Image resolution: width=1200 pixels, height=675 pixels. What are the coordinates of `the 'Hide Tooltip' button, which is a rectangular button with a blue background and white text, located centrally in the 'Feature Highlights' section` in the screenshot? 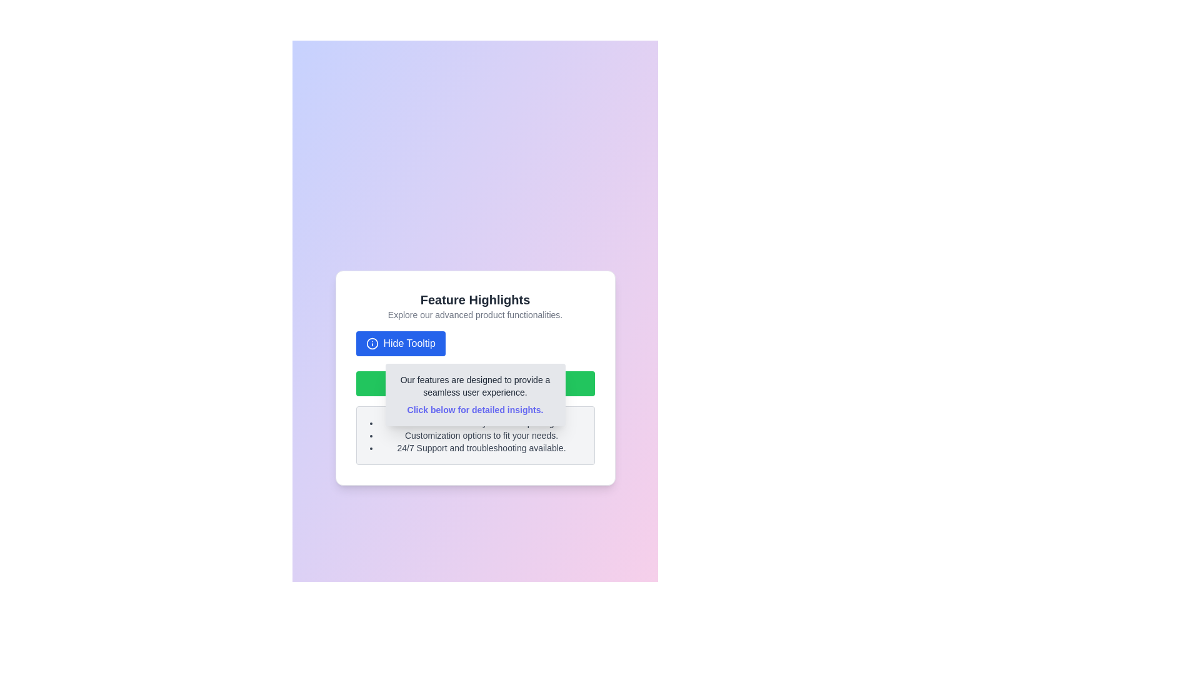 It's located at (401, 344).